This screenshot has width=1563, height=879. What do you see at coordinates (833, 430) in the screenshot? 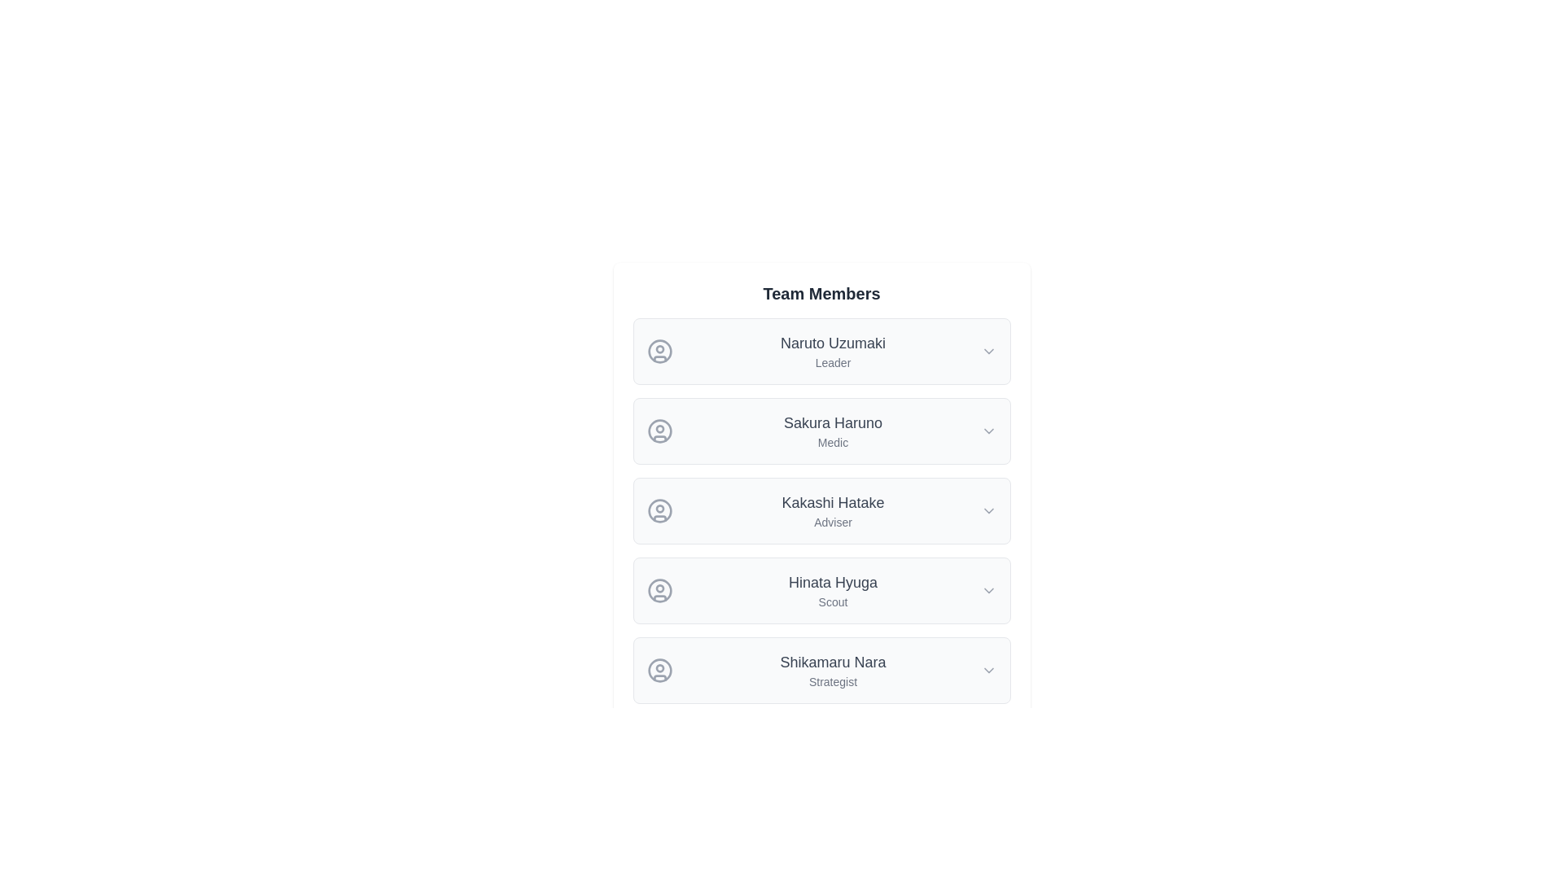
I see `the text label displaying 'Medic' which is the second item in the team member list, located below 'Naruto Uzumaki' and above 'Kakashi Hatake'` at bounding box center [833, 430].